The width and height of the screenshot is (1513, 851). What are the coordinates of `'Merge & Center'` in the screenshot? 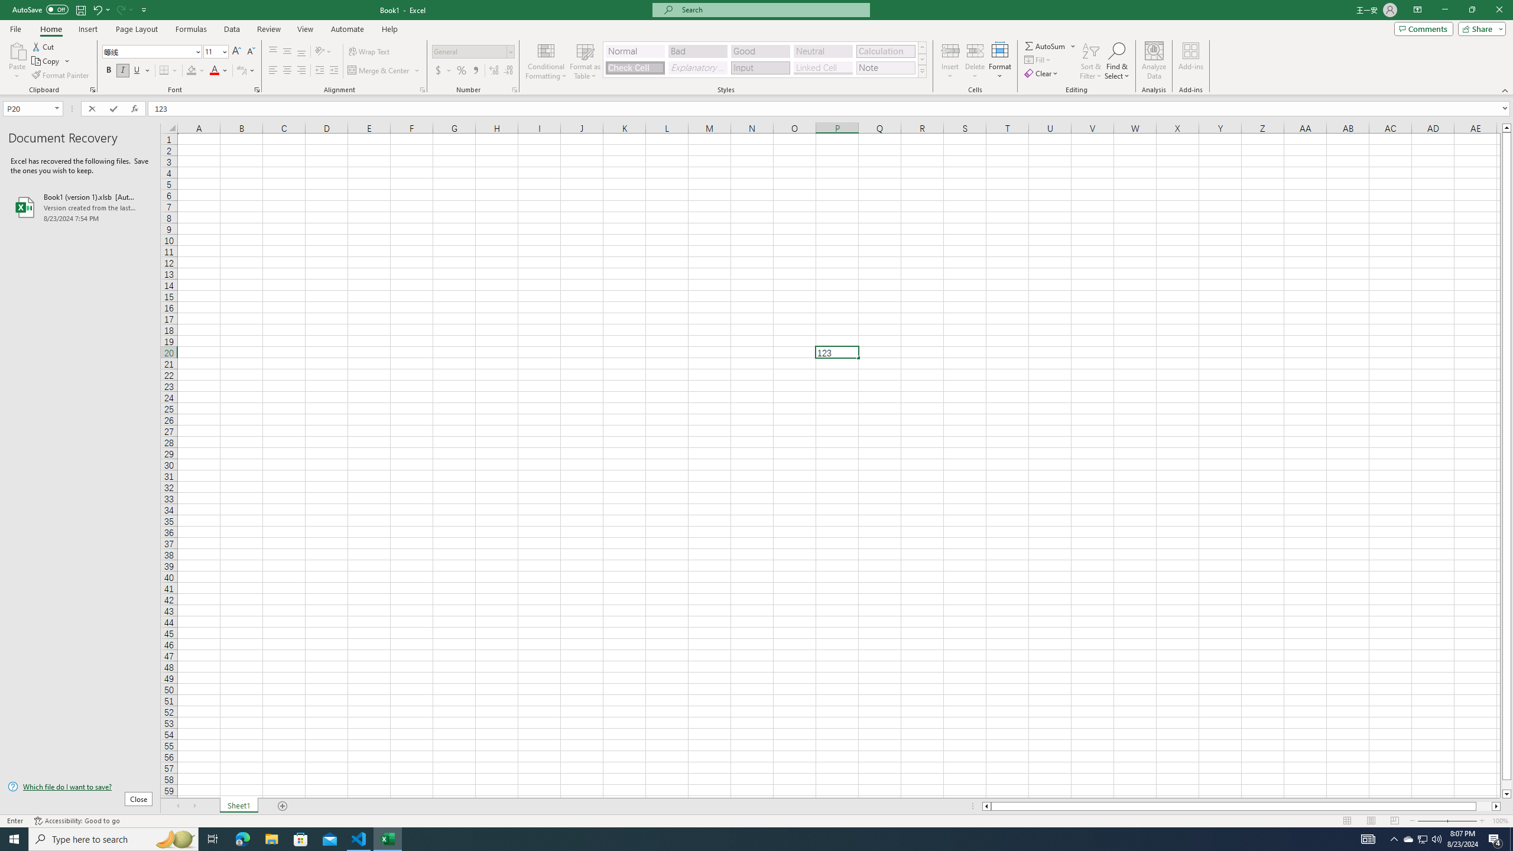 It's located at (384, 70).